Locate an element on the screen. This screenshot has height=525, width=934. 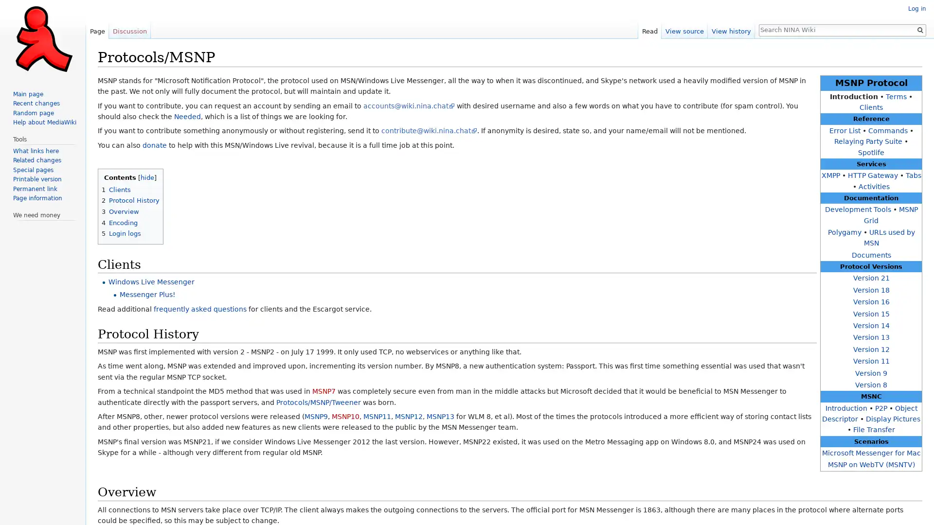
Go is located at coordinates (919, 29).